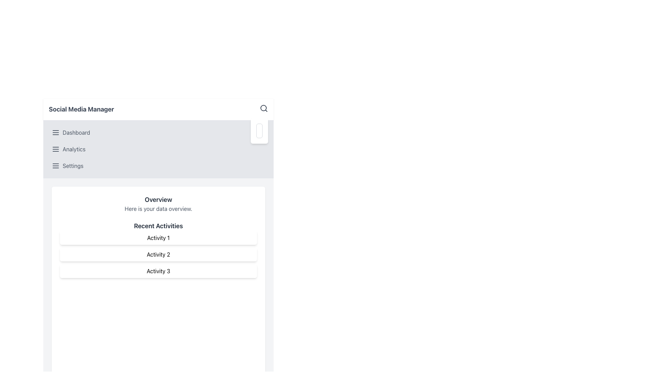 The width and height of the screenshot is (665, 374). I want to click on the 'hamburger menu' SVG icon located to the left of the 'Dashboard' text in the navigation menu, so click(56, 132).